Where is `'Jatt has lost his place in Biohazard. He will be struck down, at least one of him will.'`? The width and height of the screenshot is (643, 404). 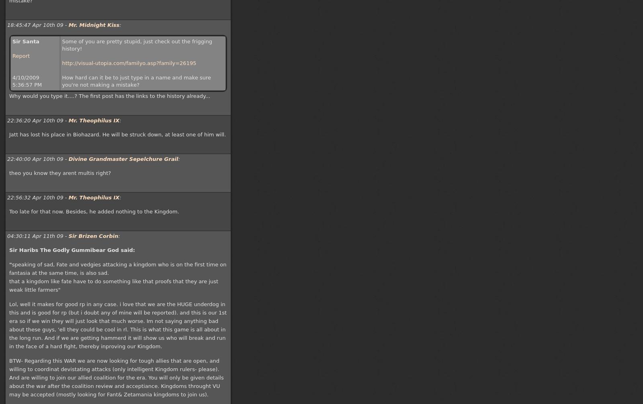 'Jatt has lost his place in Biohazard. He will be struck down, at least one of him will.' is located at coordinates (117, 134).